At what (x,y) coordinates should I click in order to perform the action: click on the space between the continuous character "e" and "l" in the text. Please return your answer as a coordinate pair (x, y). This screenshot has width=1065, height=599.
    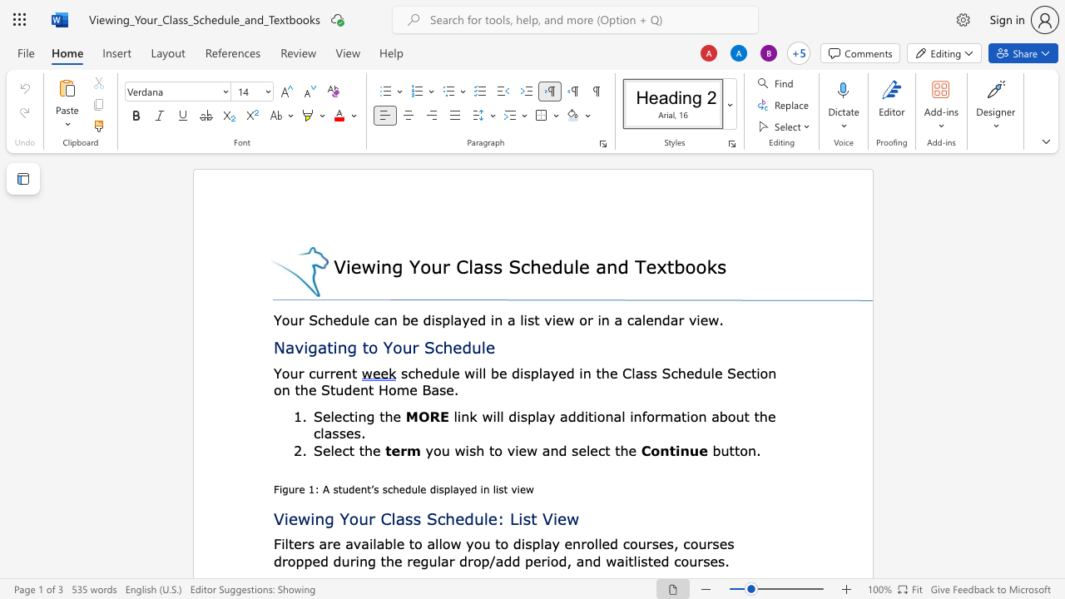
    Looking at the image, I should click on (329, 415).